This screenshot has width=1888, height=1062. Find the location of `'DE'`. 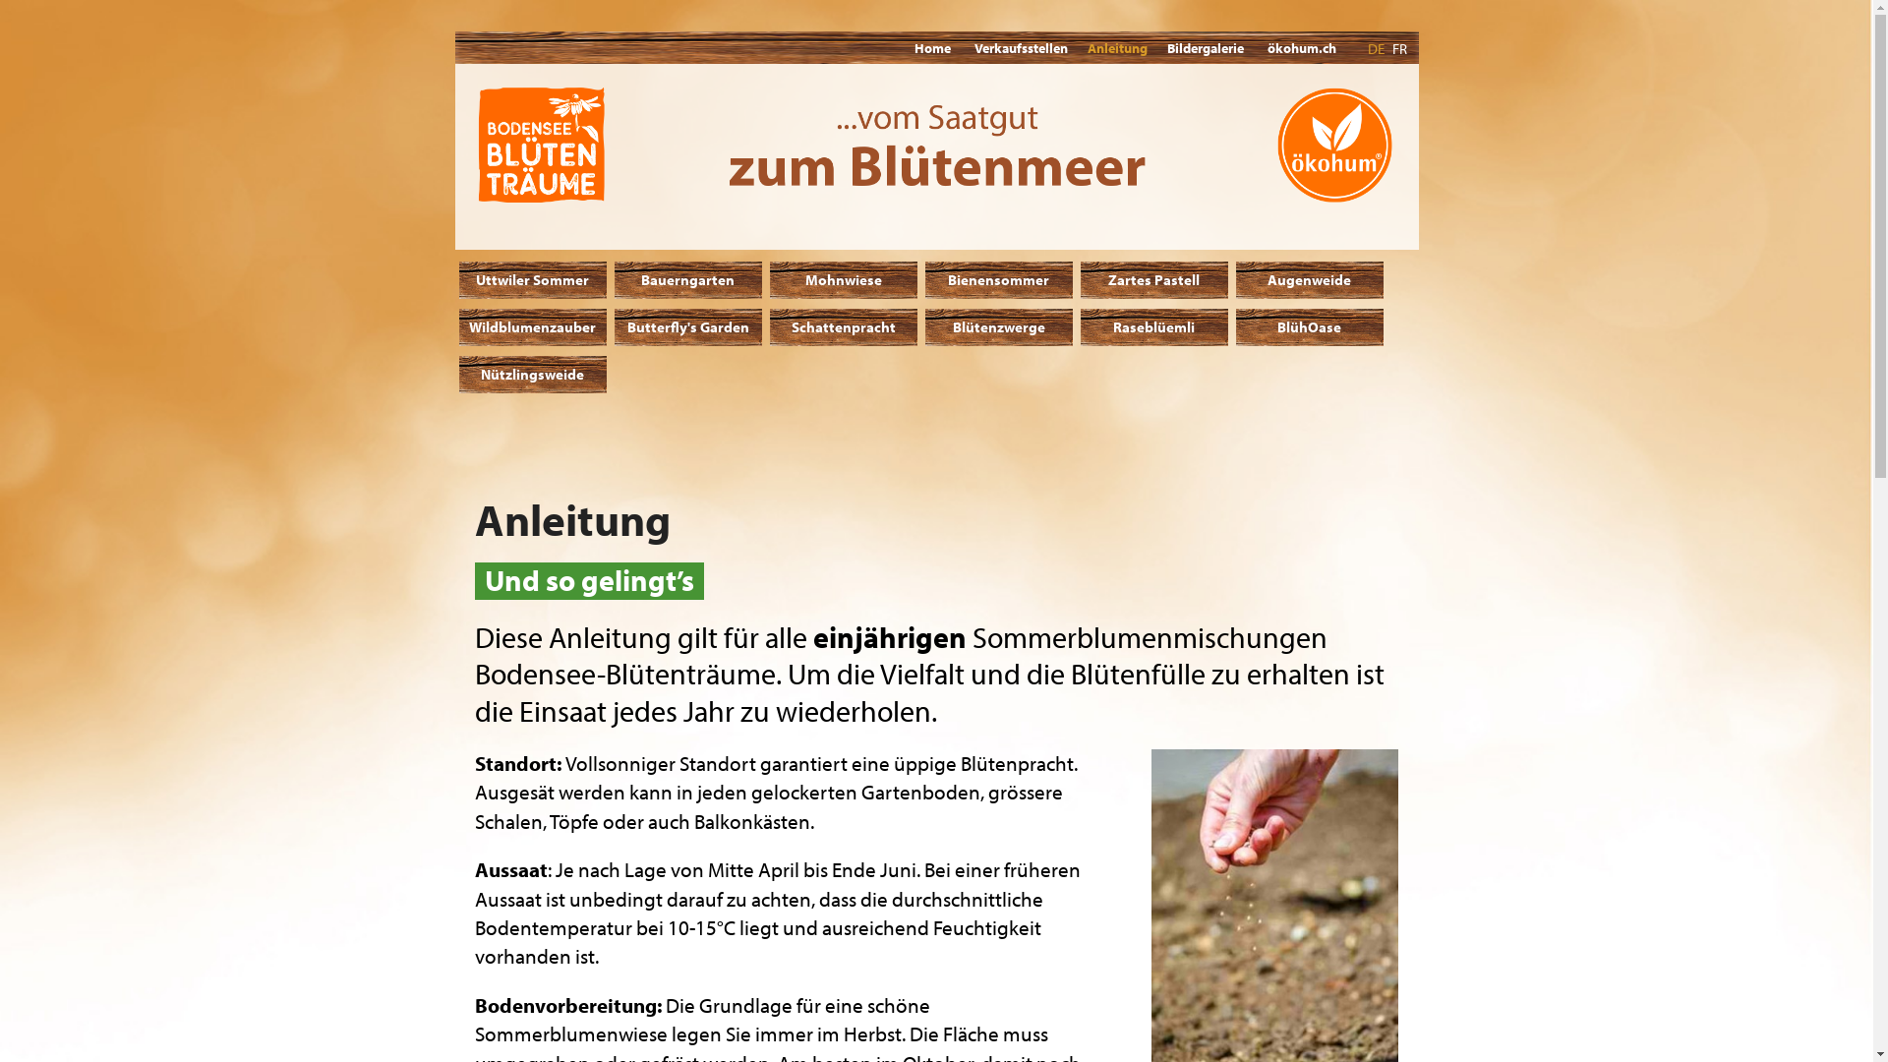

'DE' is located at coordinates (1374, 49).